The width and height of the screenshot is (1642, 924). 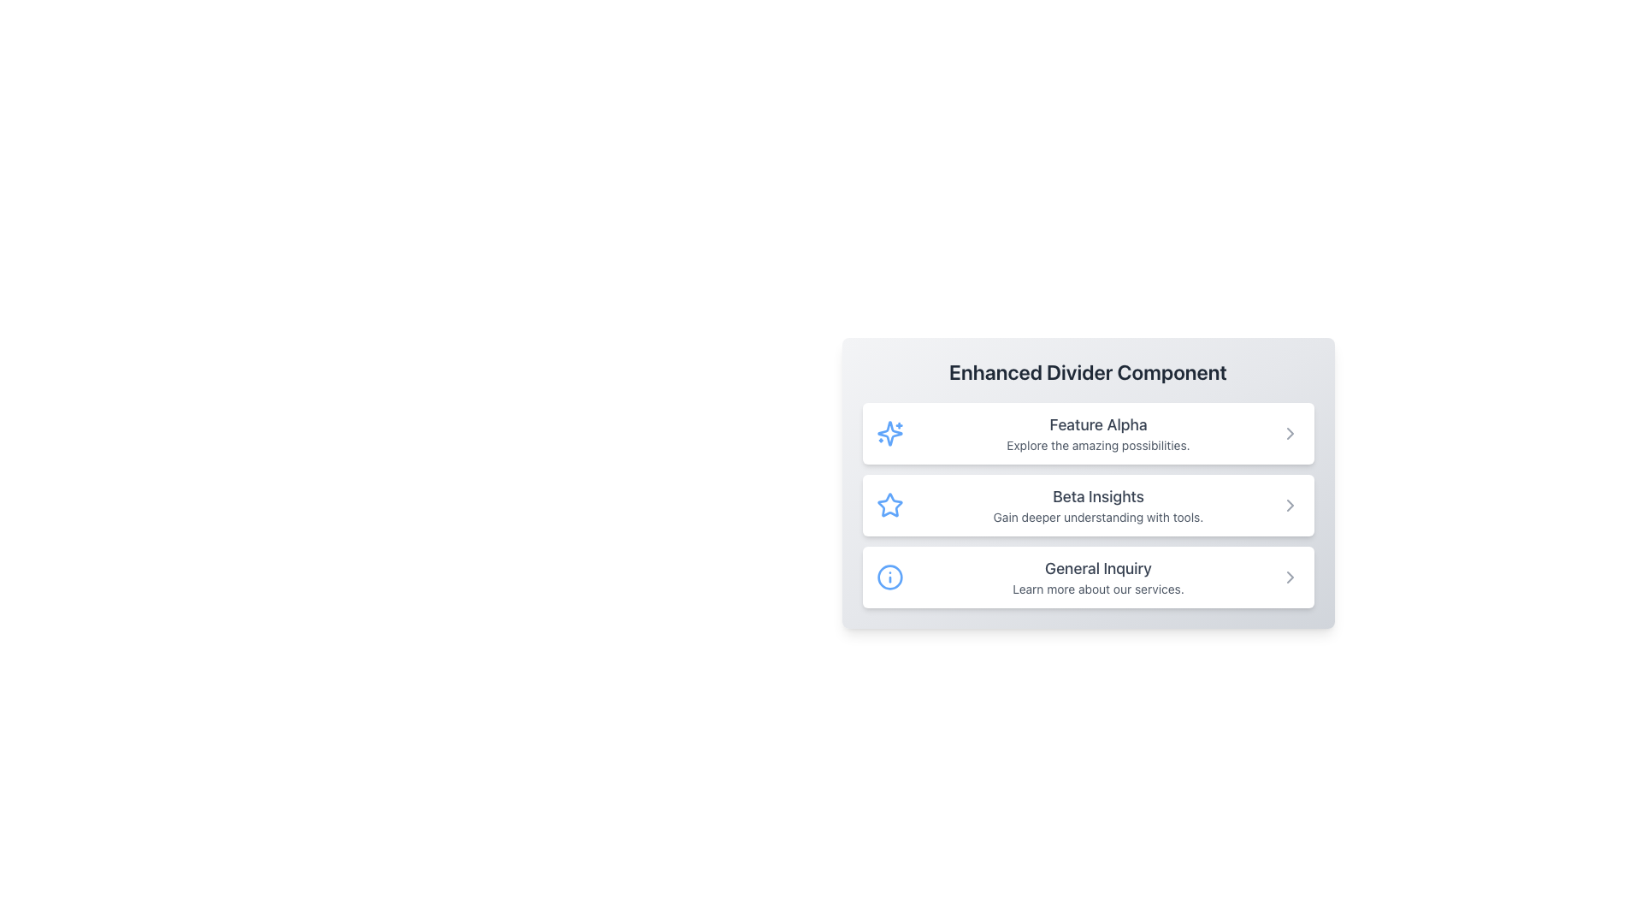 I want to click on the navigation icon located at the far right of the 'General Inquiry' row, so click(x=1290, y=577).